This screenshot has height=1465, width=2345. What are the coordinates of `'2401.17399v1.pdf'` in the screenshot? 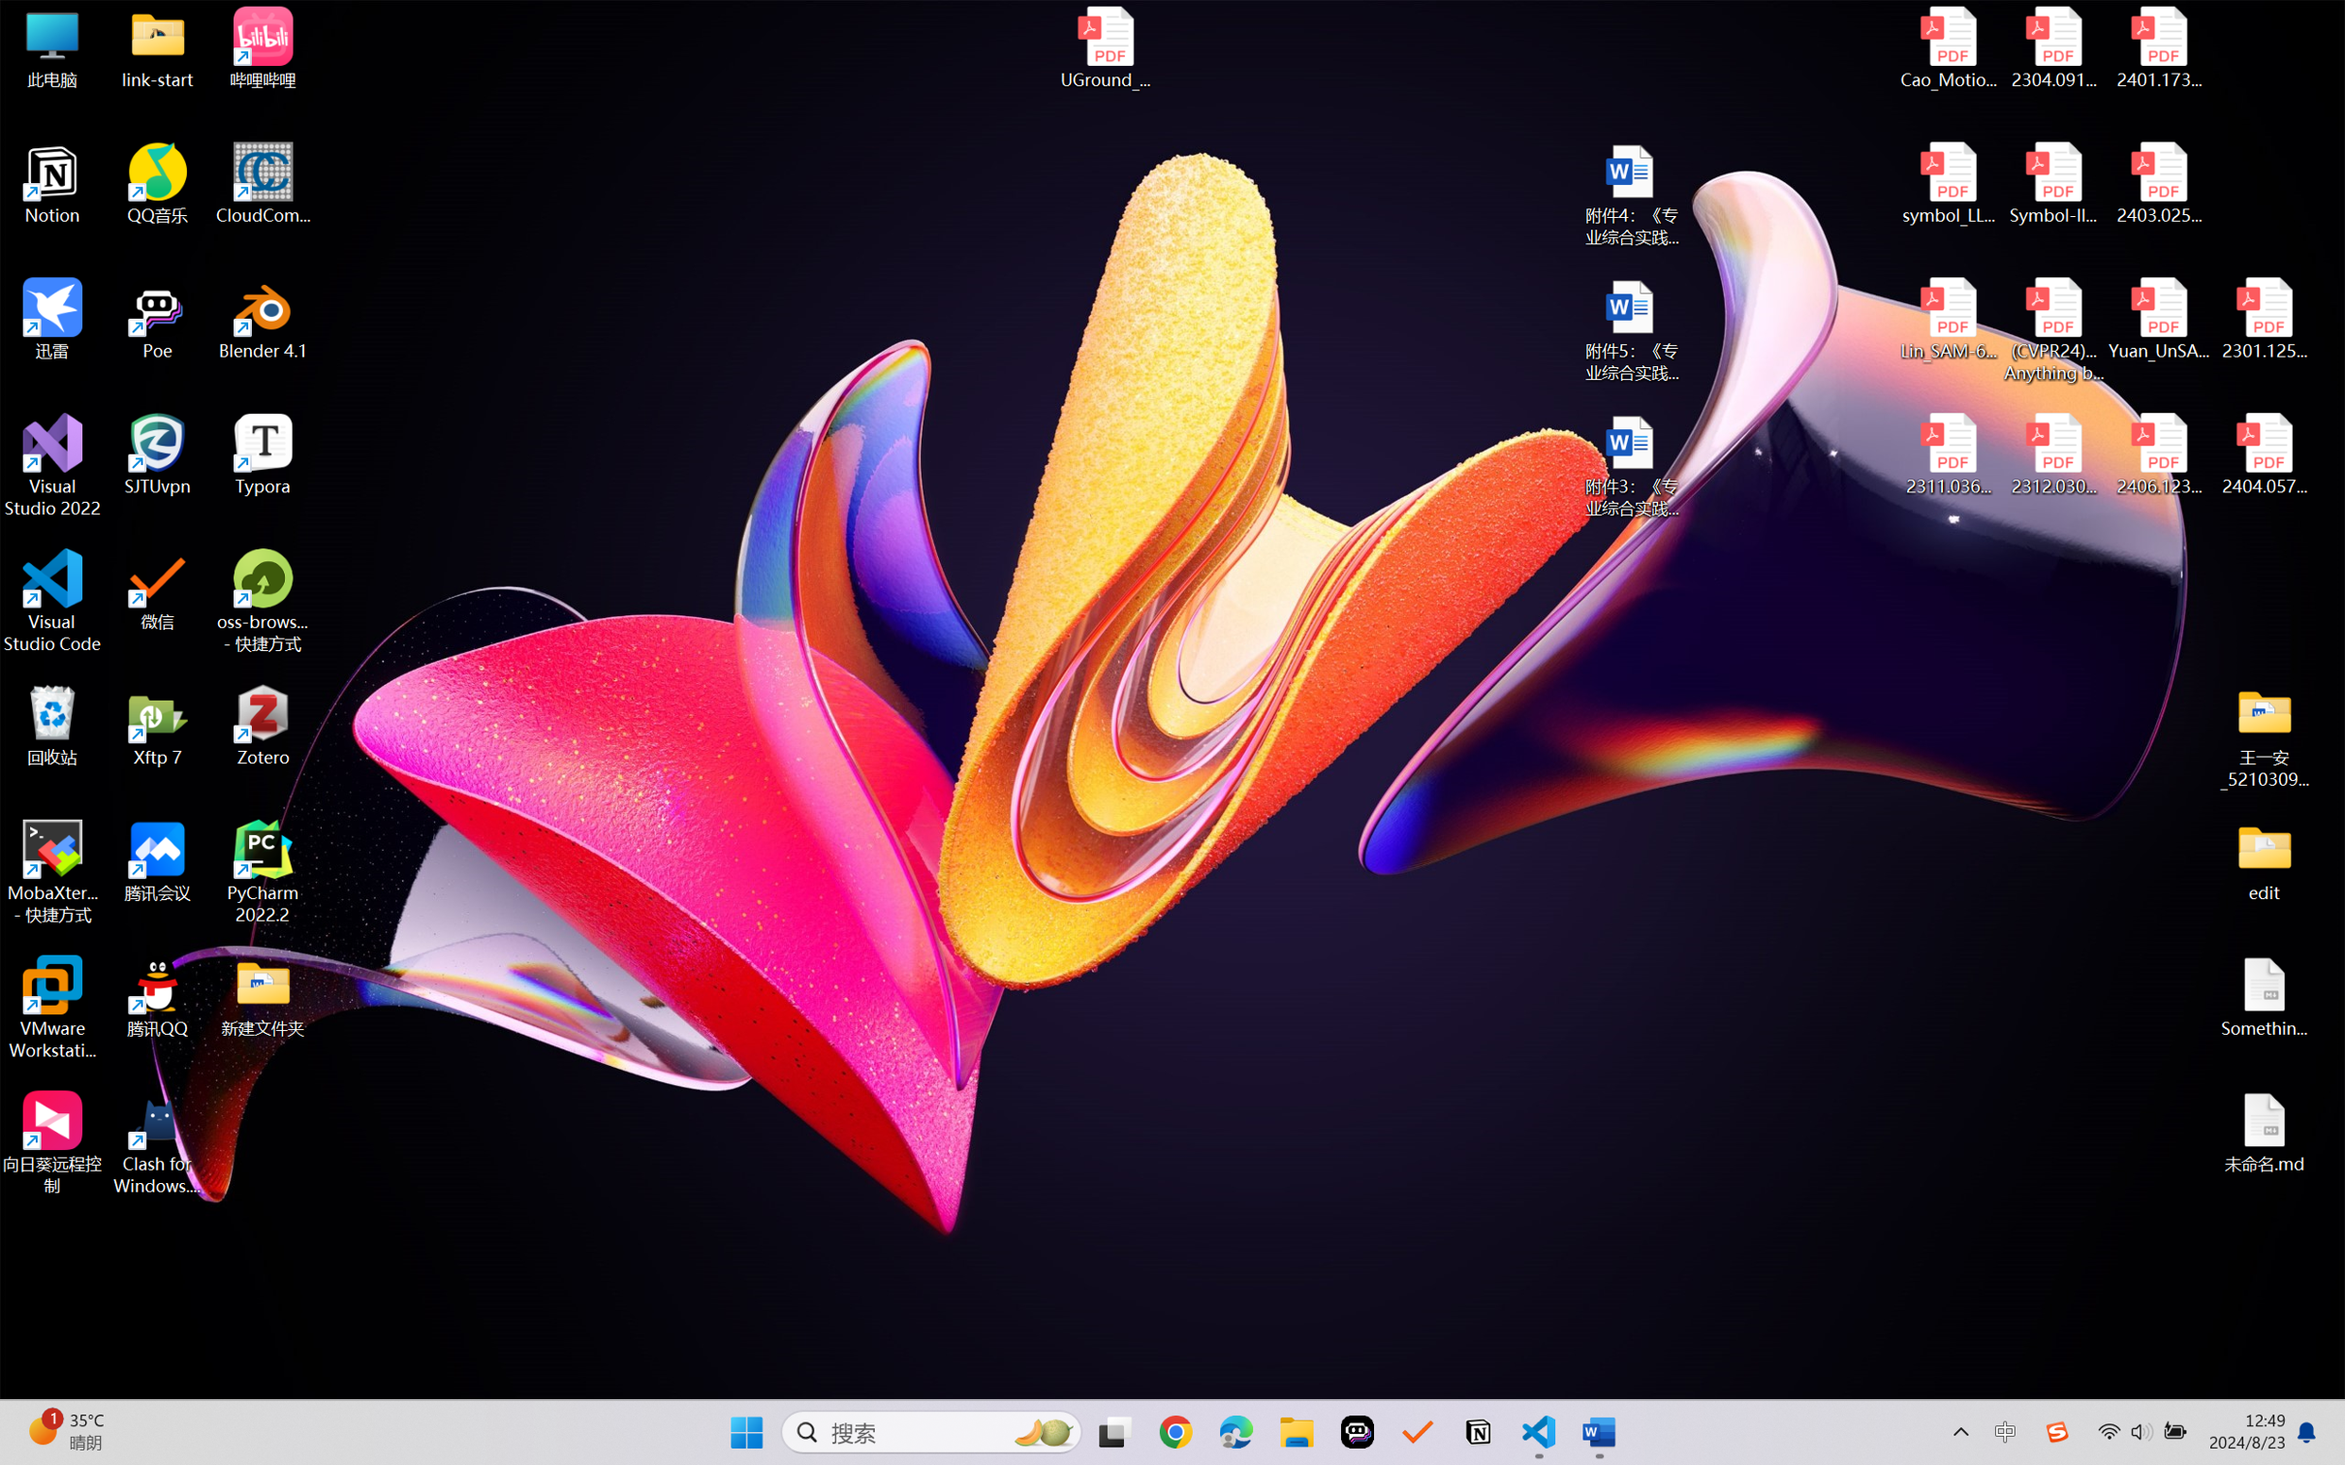 It's located at (2157, 47).